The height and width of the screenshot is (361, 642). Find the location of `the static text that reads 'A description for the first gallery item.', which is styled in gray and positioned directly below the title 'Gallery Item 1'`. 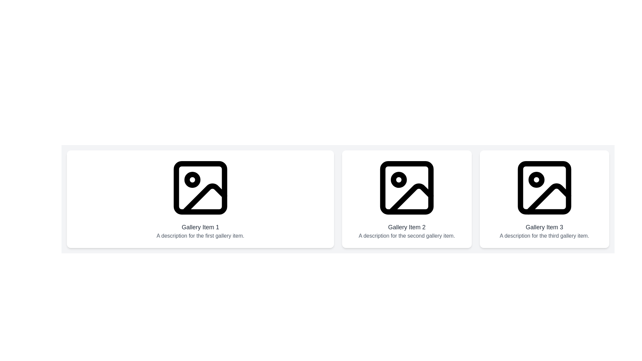

the static text that reads 'A description for the first gallery item.', which is styled in gray and positioned directly below the title 'Gallery Item 1' is located at coordinates (200, 235).